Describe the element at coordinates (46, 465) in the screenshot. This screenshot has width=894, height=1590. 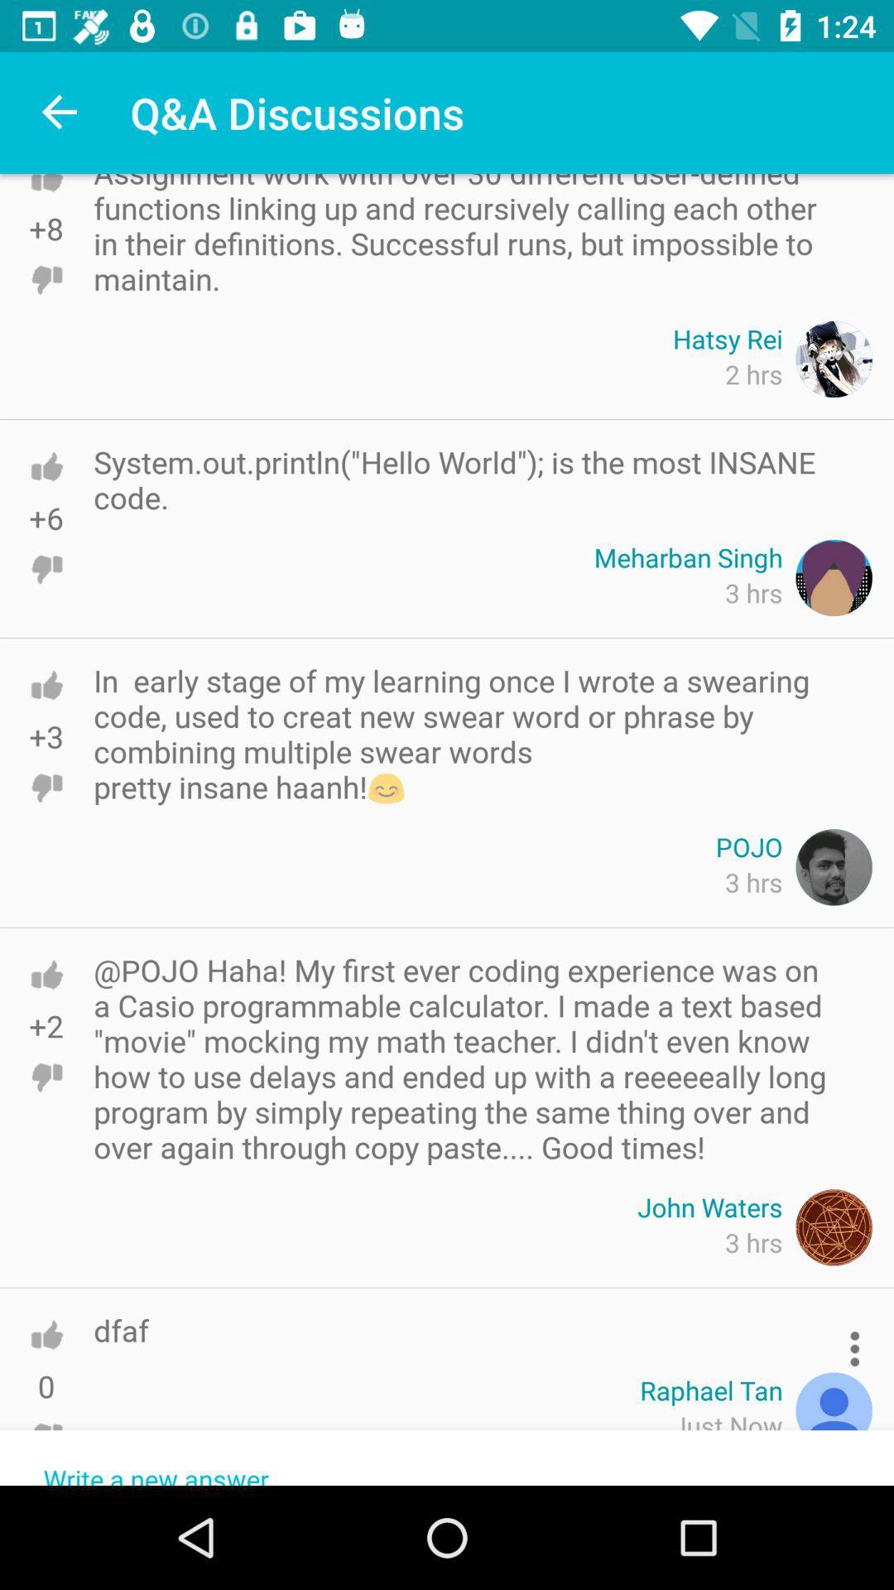
I see `like comment` at that location.